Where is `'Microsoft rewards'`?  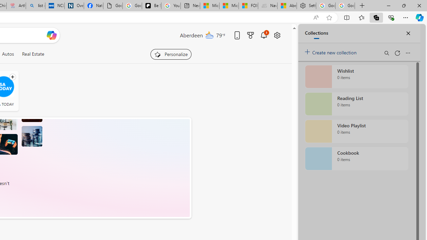
'Microsoft rewards' is located at coordinates (250, 35).